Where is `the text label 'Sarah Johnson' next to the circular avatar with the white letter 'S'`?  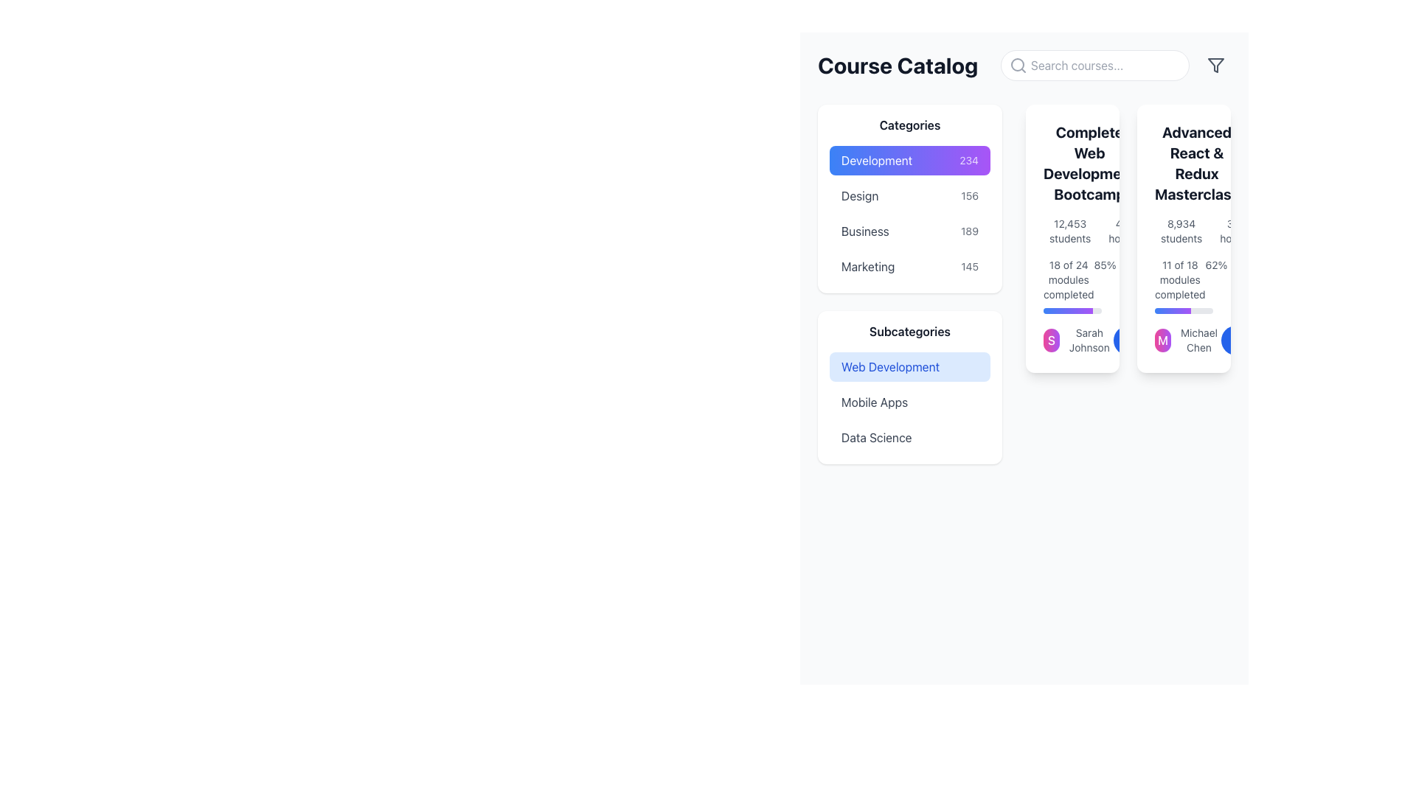 the text label 'Sarah Johnson' next to the circular avatar with the white letter 'S' is located at coordinates (1078, 341).